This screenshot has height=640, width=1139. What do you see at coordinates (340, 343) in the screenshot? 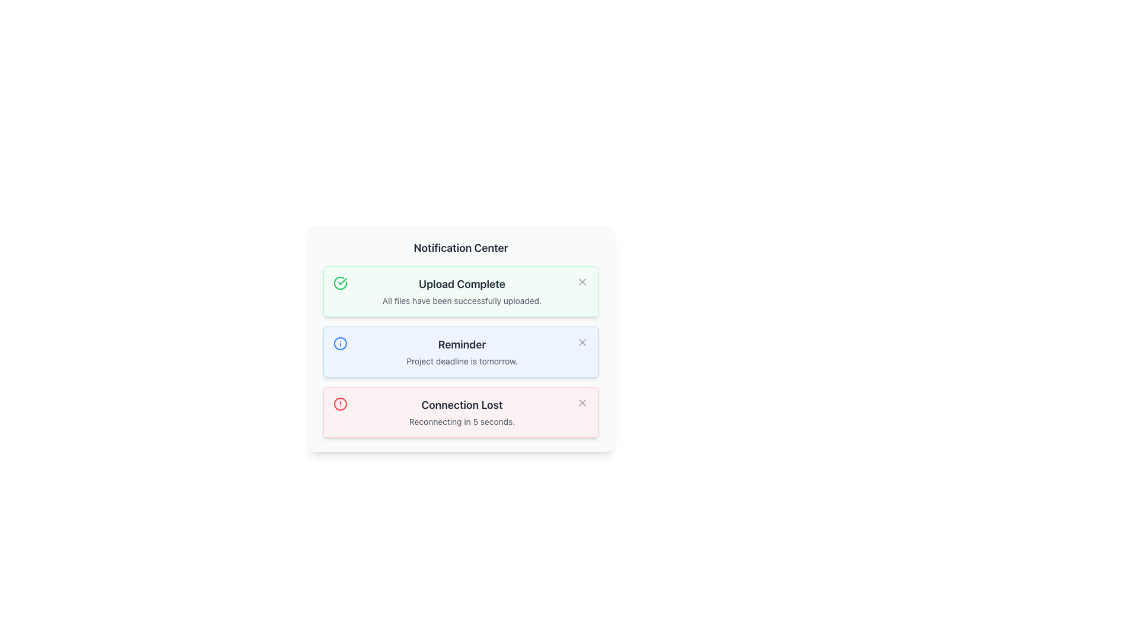
I see `the central circular part of the 'info' icon, which is styled in blue and located next to the 'Reminder' notification section` at bounding box center [340, 343].